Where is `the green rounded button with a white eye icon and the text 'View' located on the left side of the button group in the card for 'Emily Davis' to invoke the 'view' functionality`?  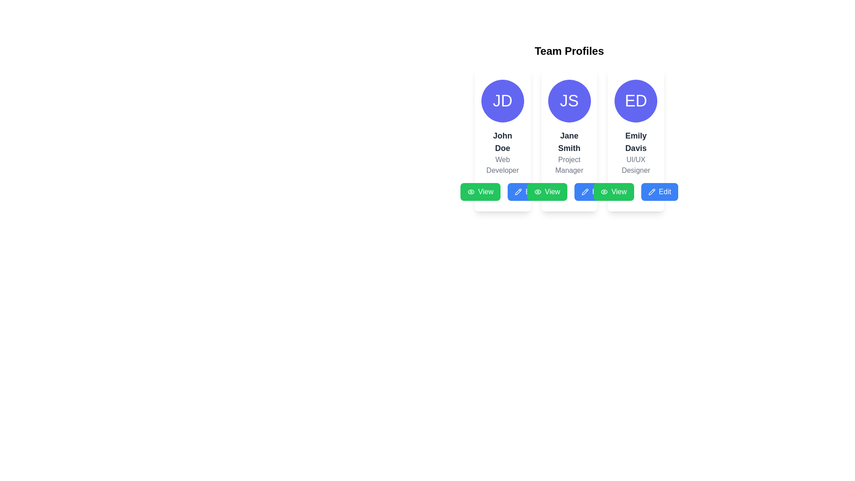 the green rounded button with a white eye icon and the text 'View' located on the left side of the button group in the card for 'Emily Davis' to invoke the 'view' functionality is located at coordinates (613, 192).